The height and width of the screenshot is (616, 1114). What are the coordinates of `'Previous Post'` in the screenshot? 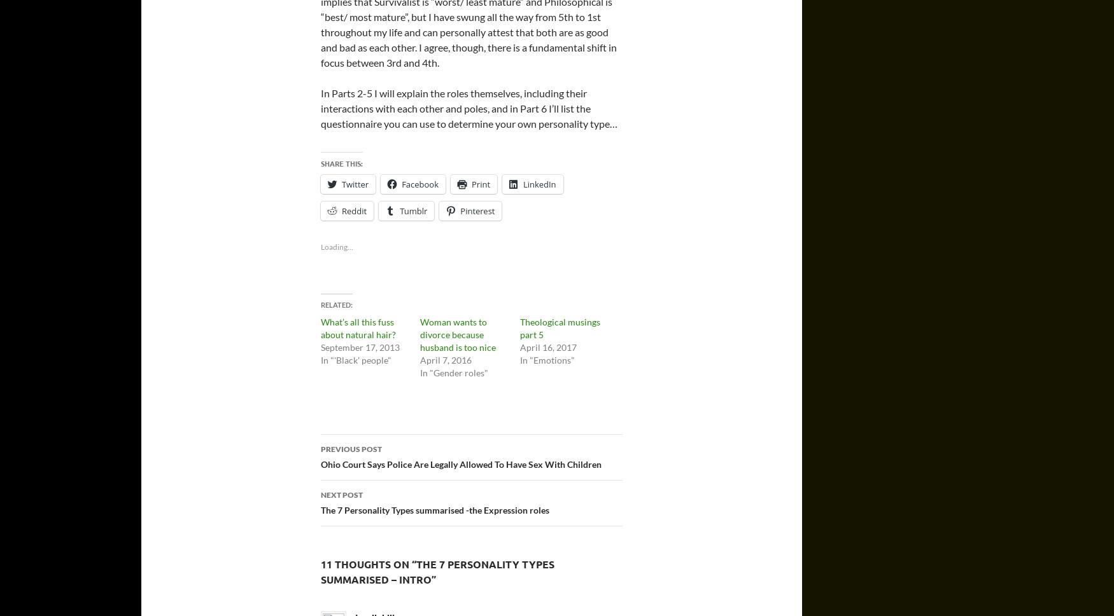 It's located at (350, 449).